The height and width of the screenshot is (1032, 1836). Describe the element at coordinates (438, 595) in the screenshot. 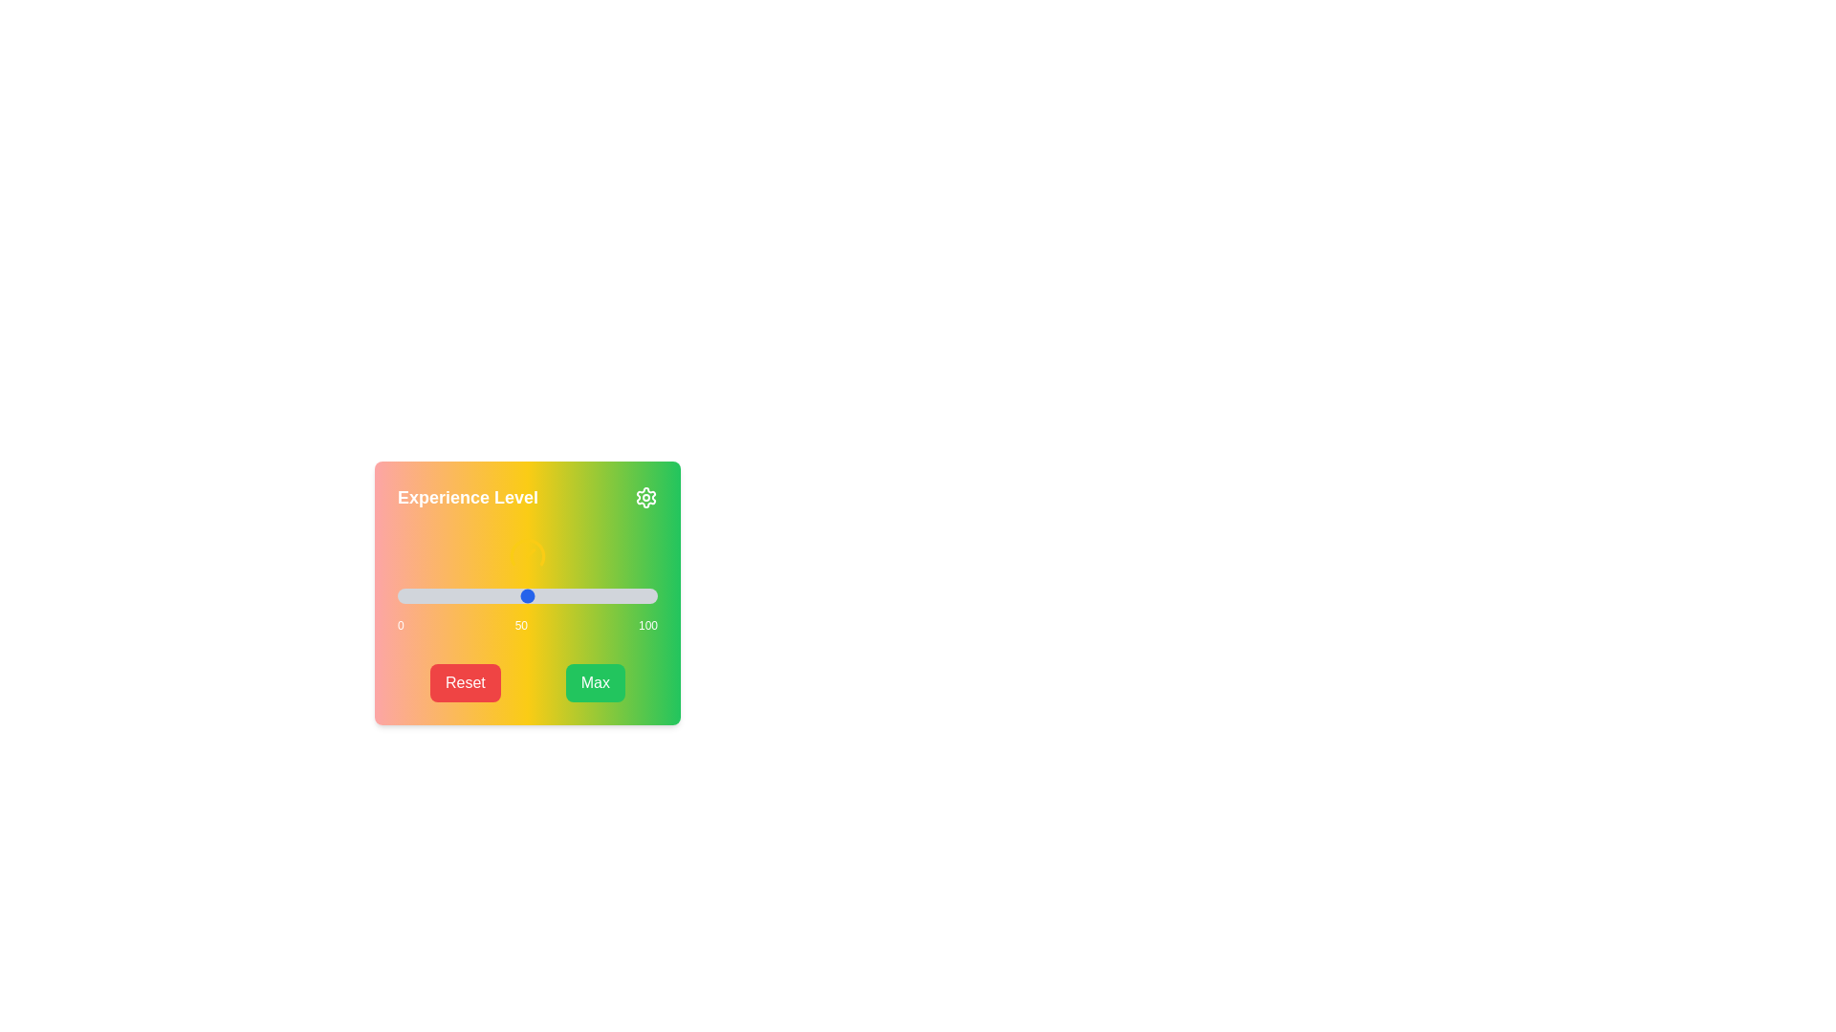

I see `the slider to set the value to 16` at that location.